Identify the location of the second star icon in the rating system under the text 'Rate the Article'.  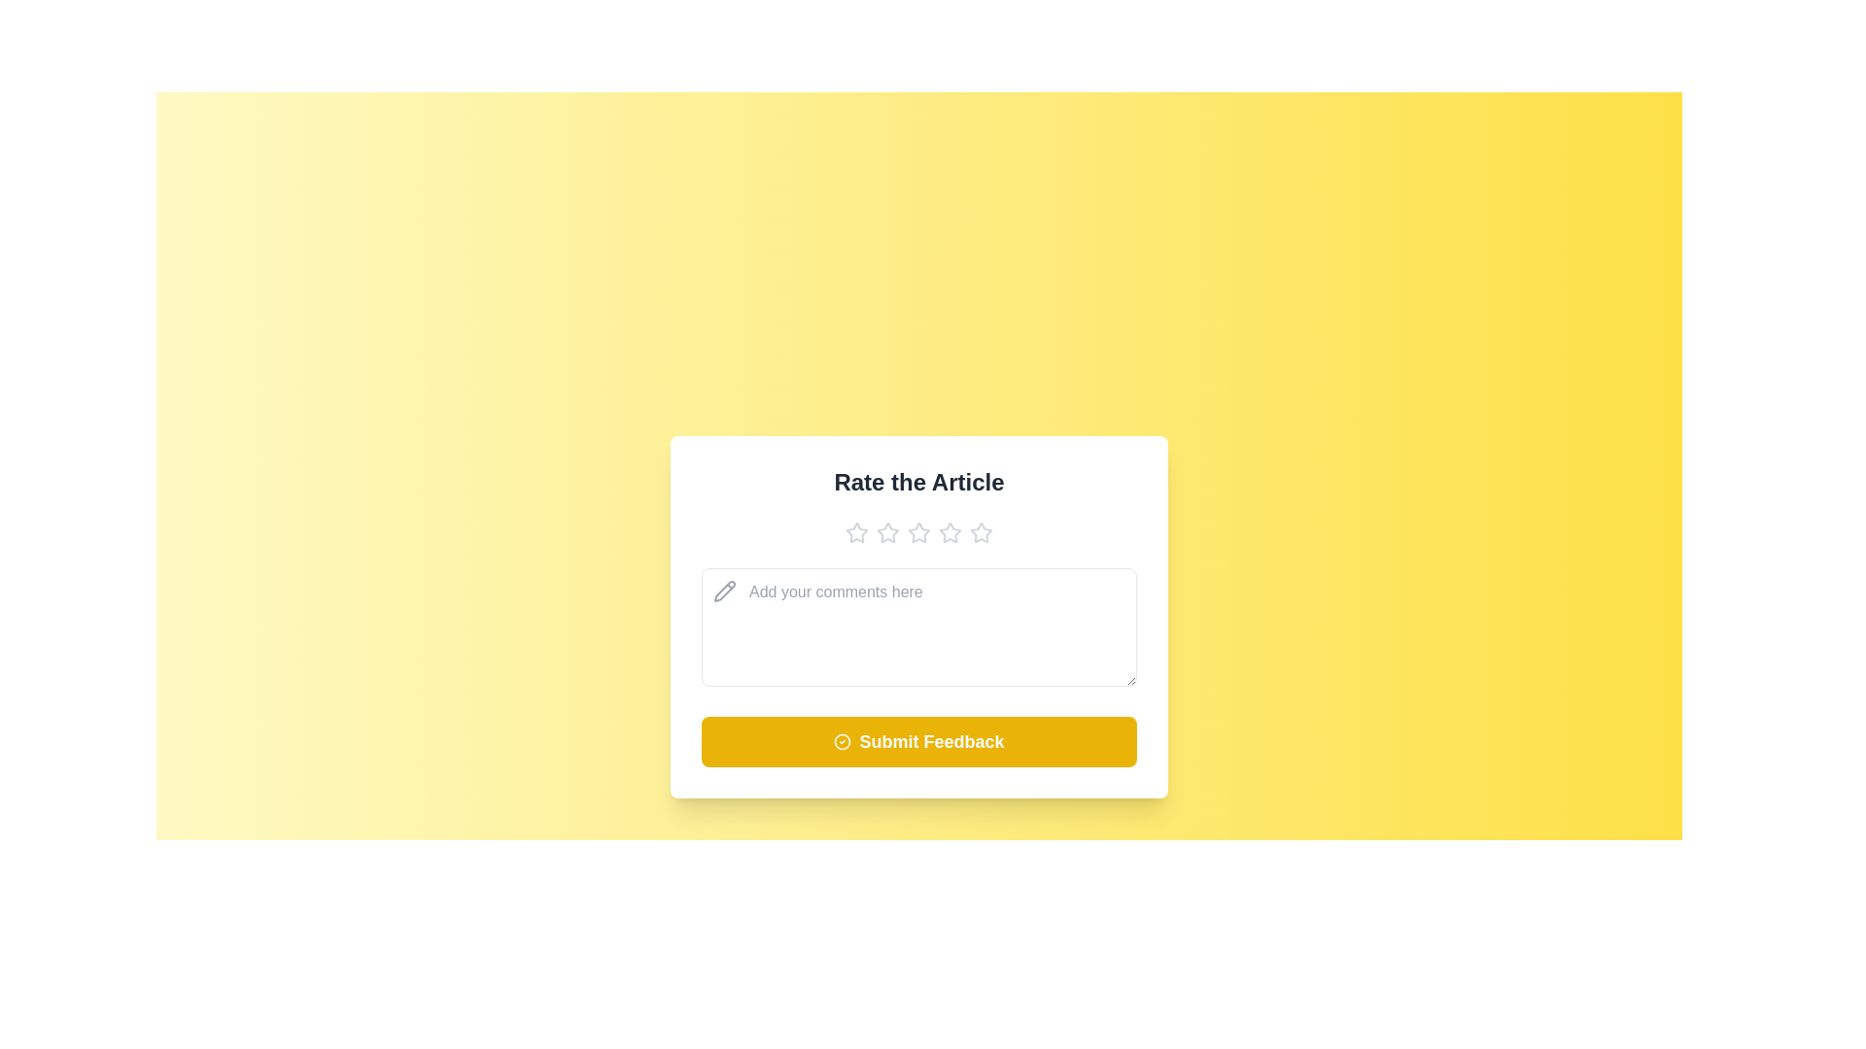
(886, 531).